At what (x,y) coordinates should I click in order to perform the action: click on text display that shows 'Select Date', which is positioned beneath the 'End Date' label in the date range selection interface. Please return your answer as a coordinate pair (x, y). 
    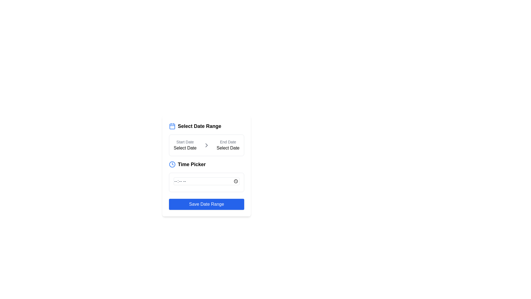
    Looking at the image, I should click on (228, 148).